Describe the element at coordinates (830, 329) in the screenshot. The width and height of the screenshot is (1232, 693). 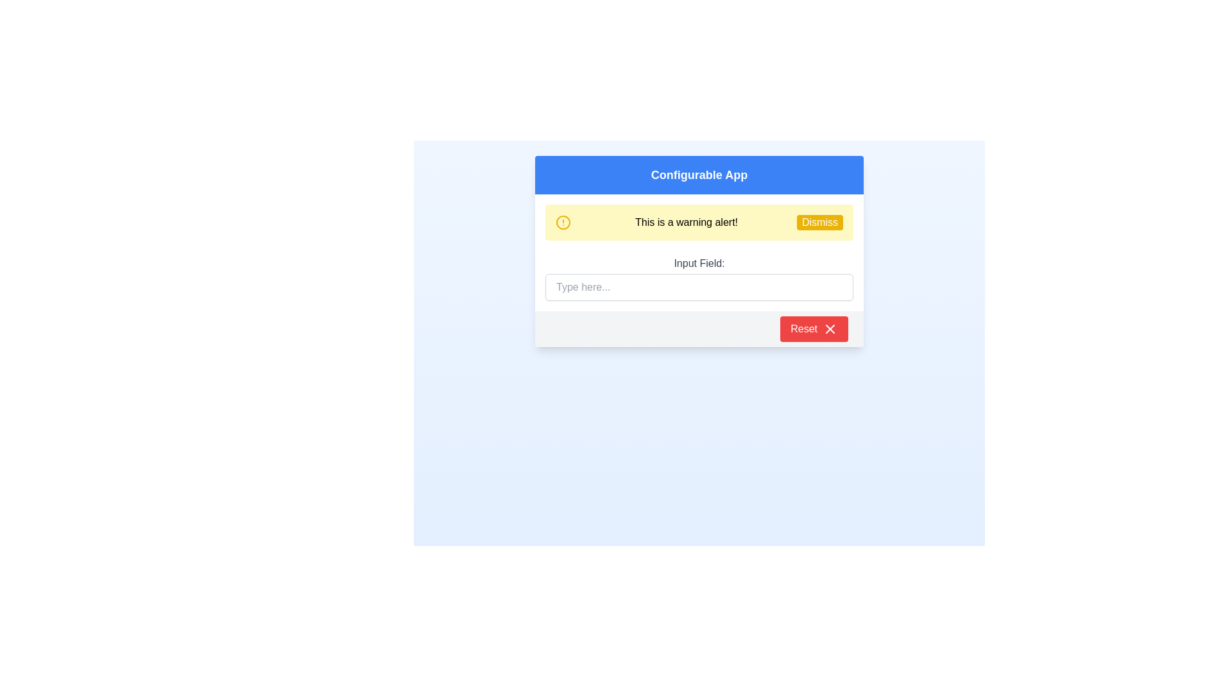
I see `the 'X' icon, which is a white icon with a rounded stroke on a red circular background located to the right of the 'Reset' button in the lower-right region of the modal dialog` at that location.